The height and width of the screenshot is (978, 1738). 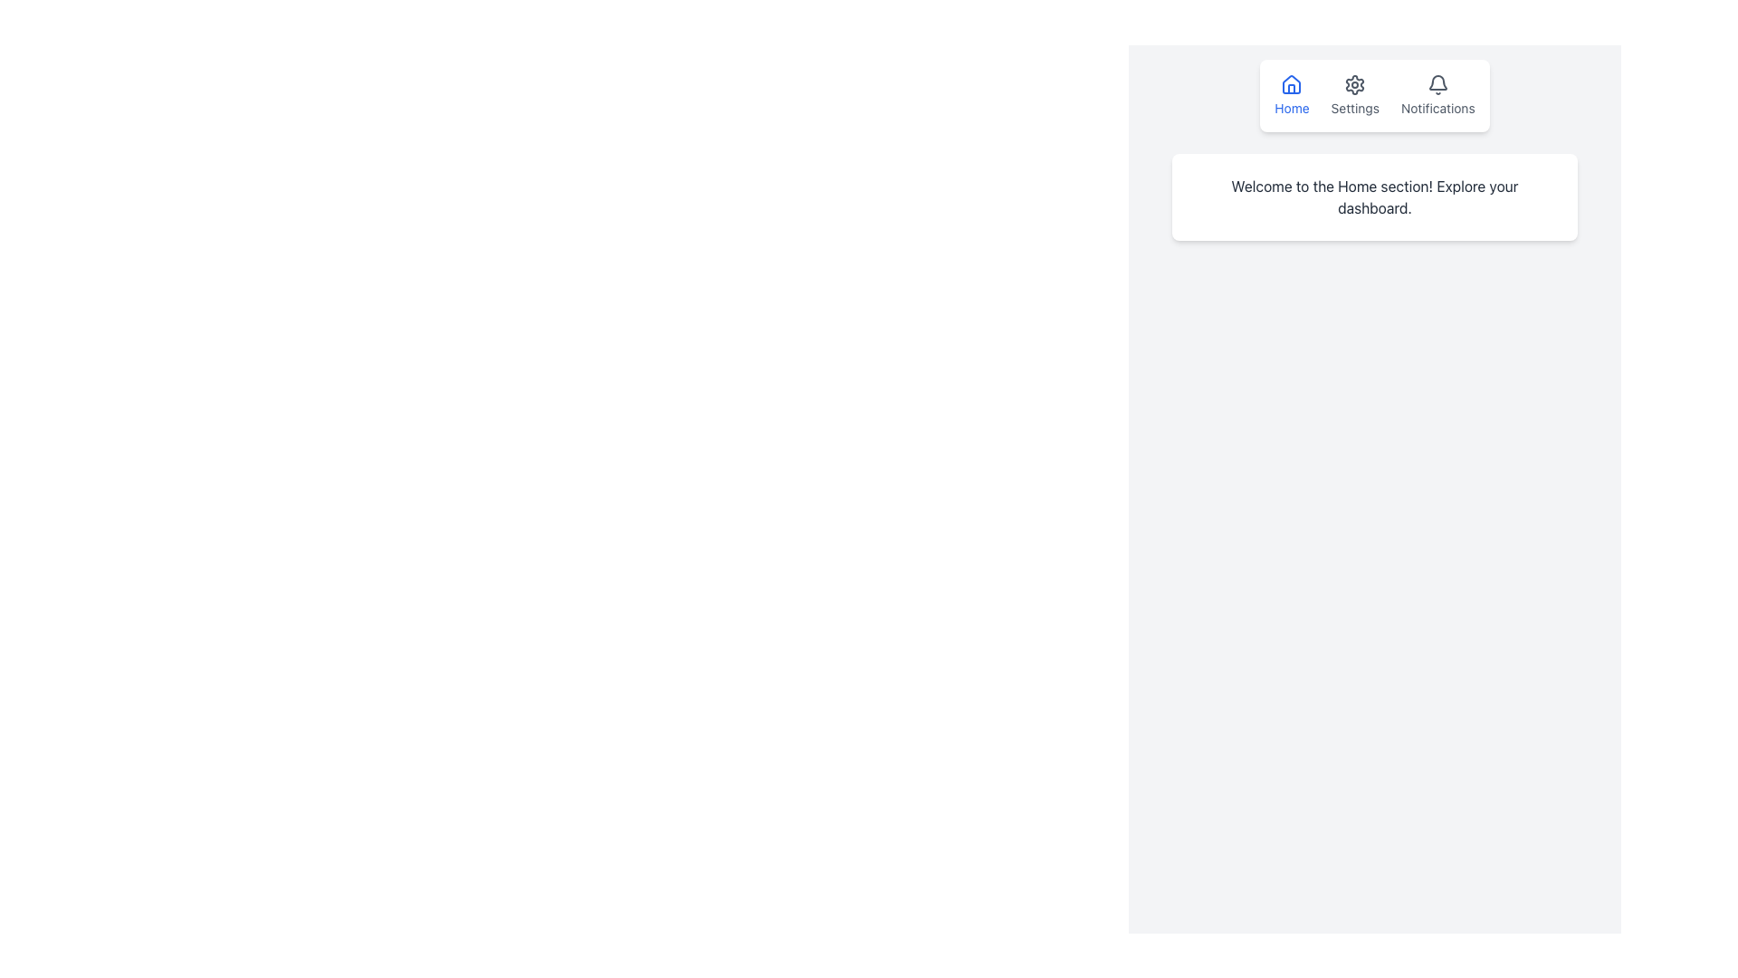 What do you see at coordinates (1437, 95) in the screenshot?
I see `the 'Notifications' navigation button, which is the third item in the horizontal navigation bar` at bounding box center [1437, 95].